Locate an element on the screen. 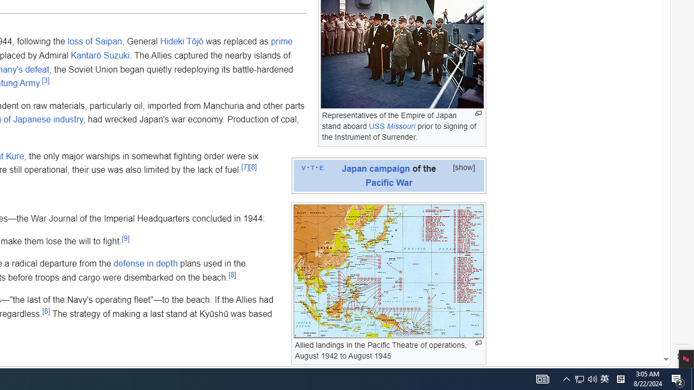  'e' is located at coordinates (320, 167).